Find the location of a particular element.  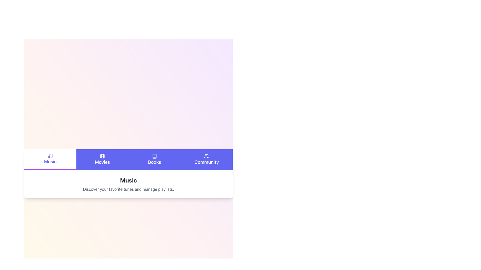

the decorative SVG rectangle that visually represents the 'Movies' tab in the navigation bar is located at coordinates (102, 156).